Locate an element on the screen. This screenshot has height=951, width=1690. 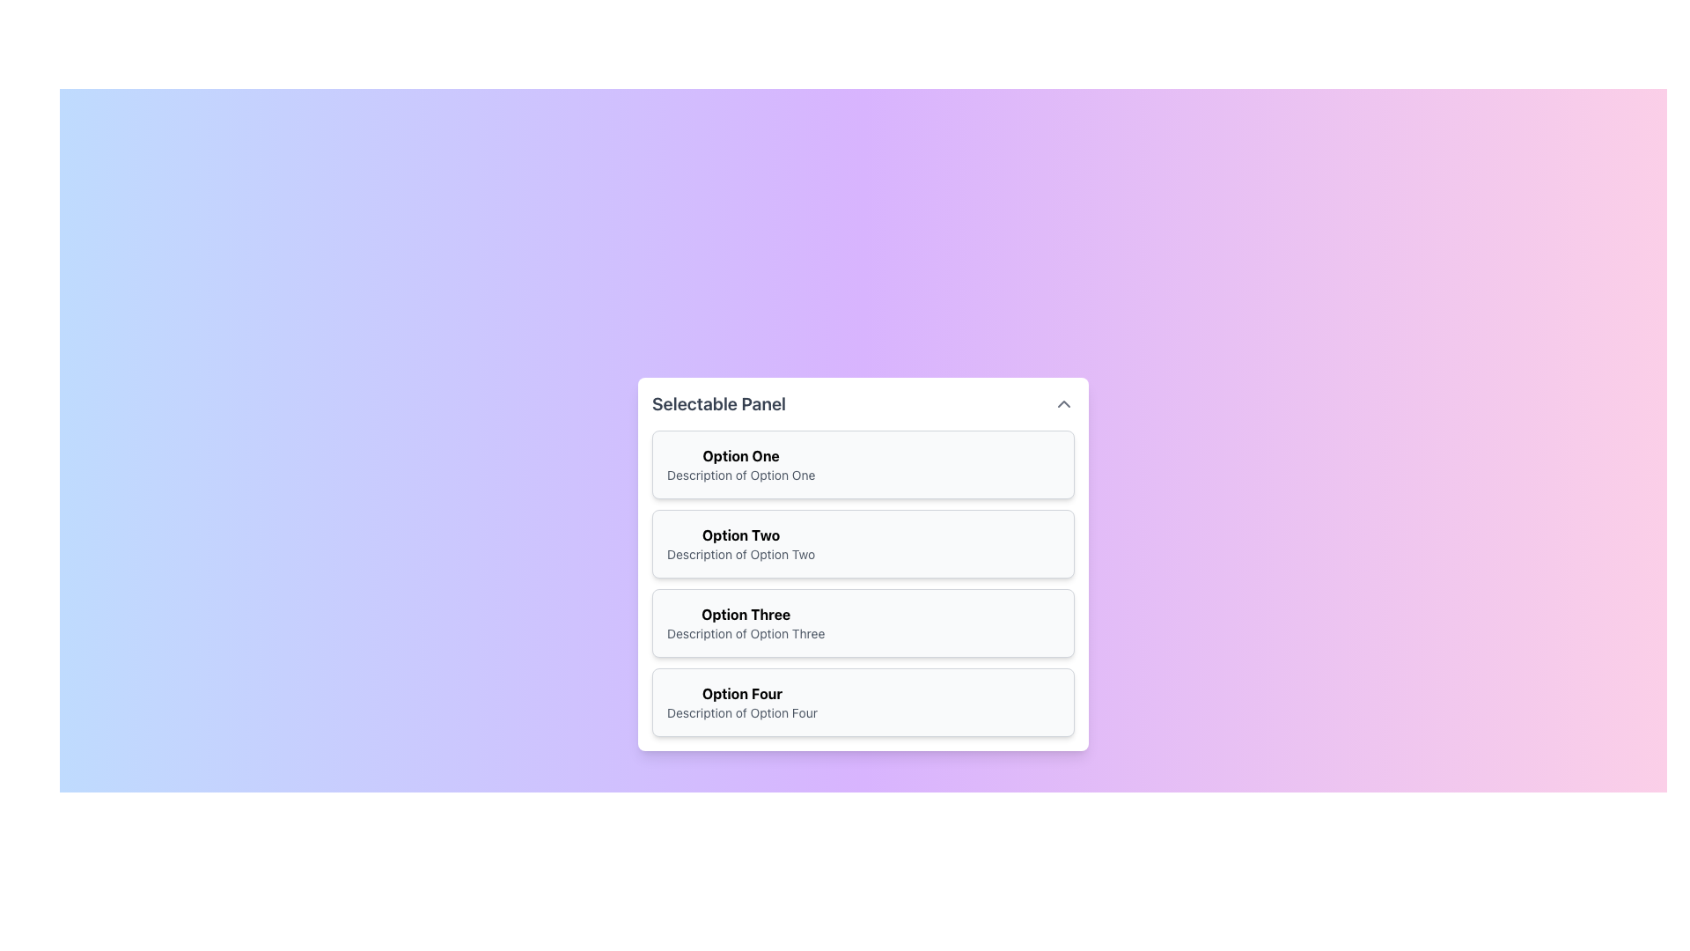
the text label displaying 'Description of Option Three', which is positioned below the title 'Option Three' within the selectable panel is located at coordinates (746, 634).